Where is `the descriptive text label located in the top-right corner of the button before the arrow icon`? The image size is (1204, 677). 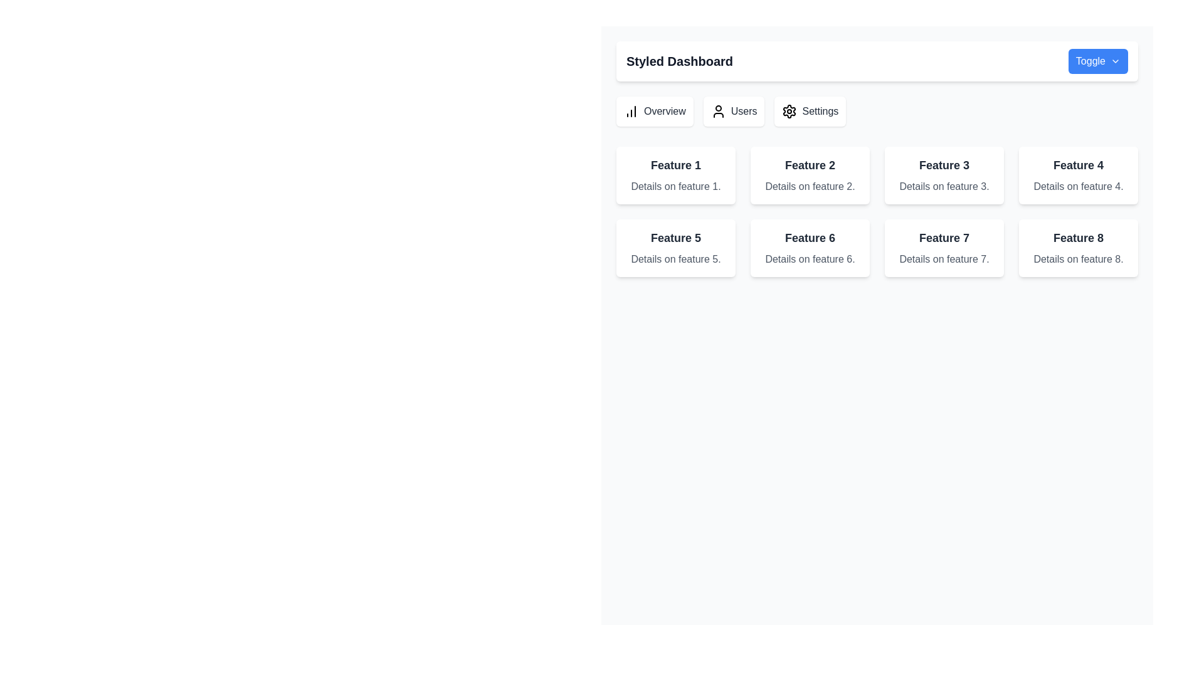
the descriptive text label located in the top-right corner of the button before the arrow icon is located at coordinates (1090, 61).